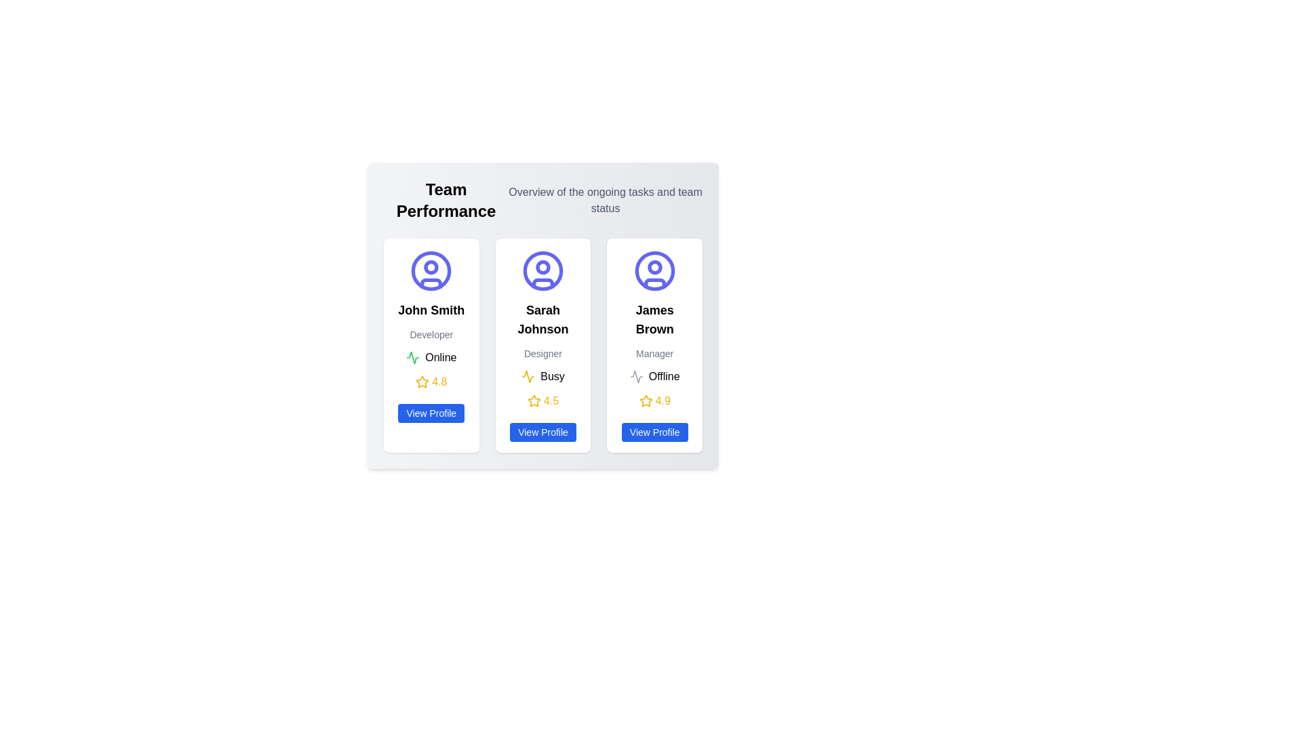 Image resolution: width=1302 pixels, height=732 pixels. Describe the element at coordinates (654, 271) in the screenshot. I see `the circular user profile icon with a purple outline located at the top center of the card for 'James Brown'` at that location.